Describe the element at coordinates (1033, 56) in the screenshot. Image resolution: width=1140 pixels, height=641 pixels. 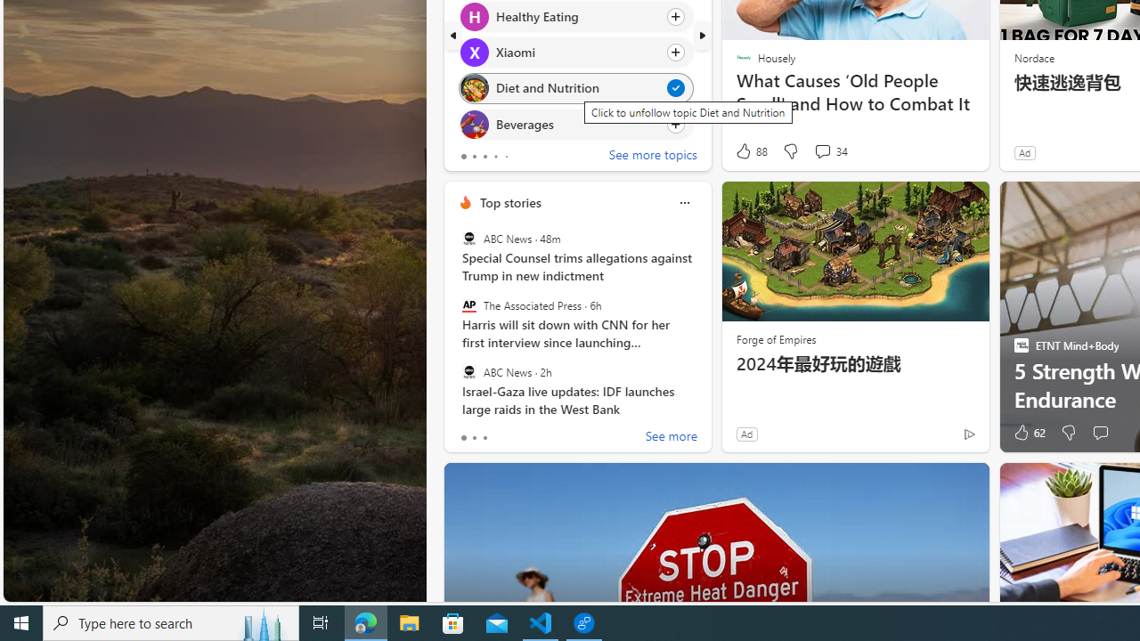
I see `'Nordace'` at that location.